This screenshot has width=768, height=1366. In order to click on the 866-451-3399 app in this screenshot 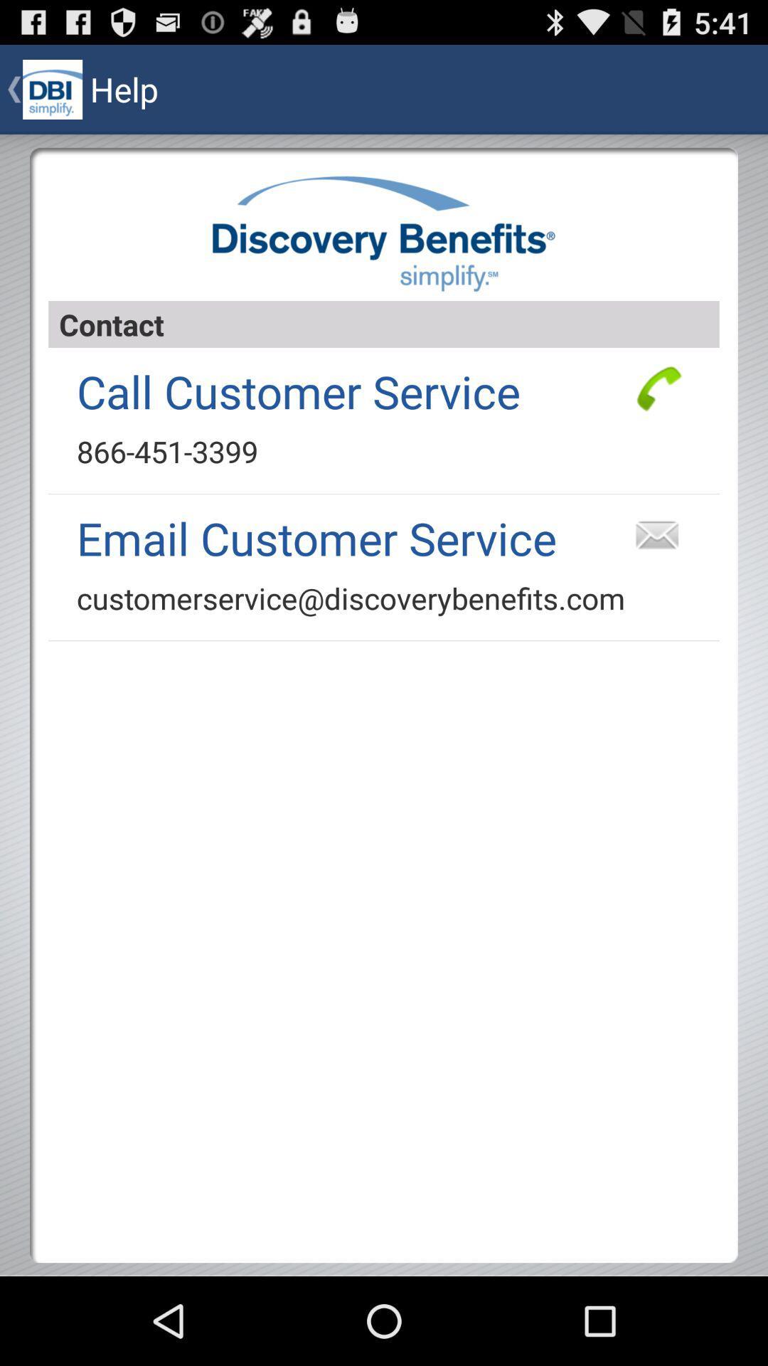, I will do `click(166, 450)`.